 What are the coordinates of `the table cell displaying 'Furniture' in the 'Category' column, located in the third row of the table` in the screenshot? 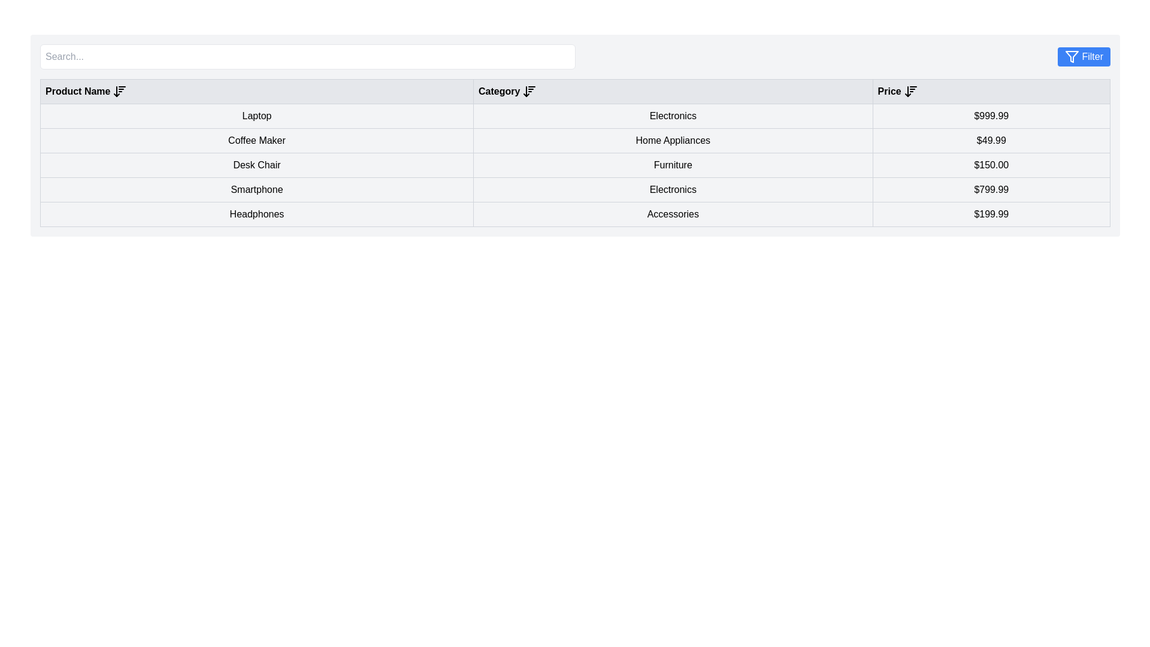 It's located at (673, 165).